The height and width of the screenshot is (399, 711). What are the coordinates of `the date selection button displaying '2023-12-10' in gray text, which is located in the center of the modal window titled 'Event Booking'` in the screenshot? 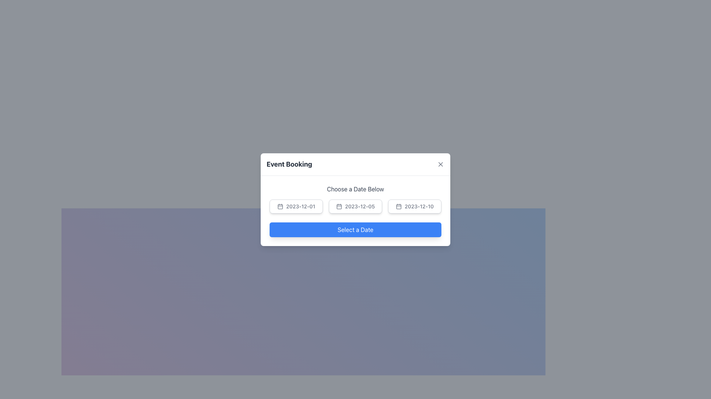 It's located at (414, 206).